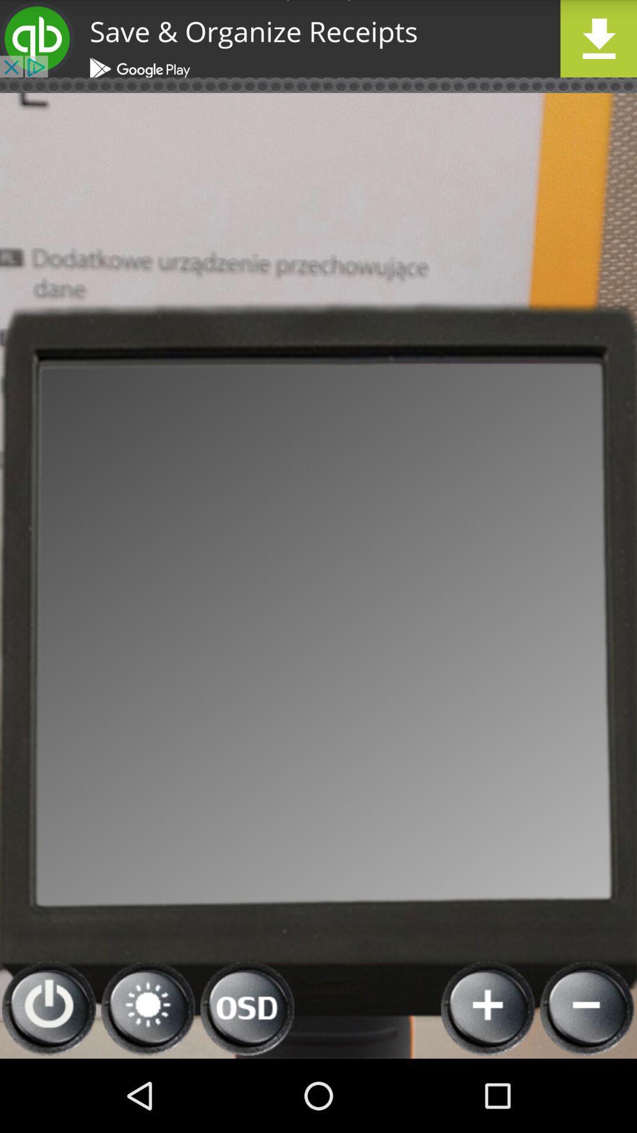 This screenshot has width=637, height=1133. Describe the element at coordinates (587, 1008) in the screenshot. I see `reduce the volume` at that location.